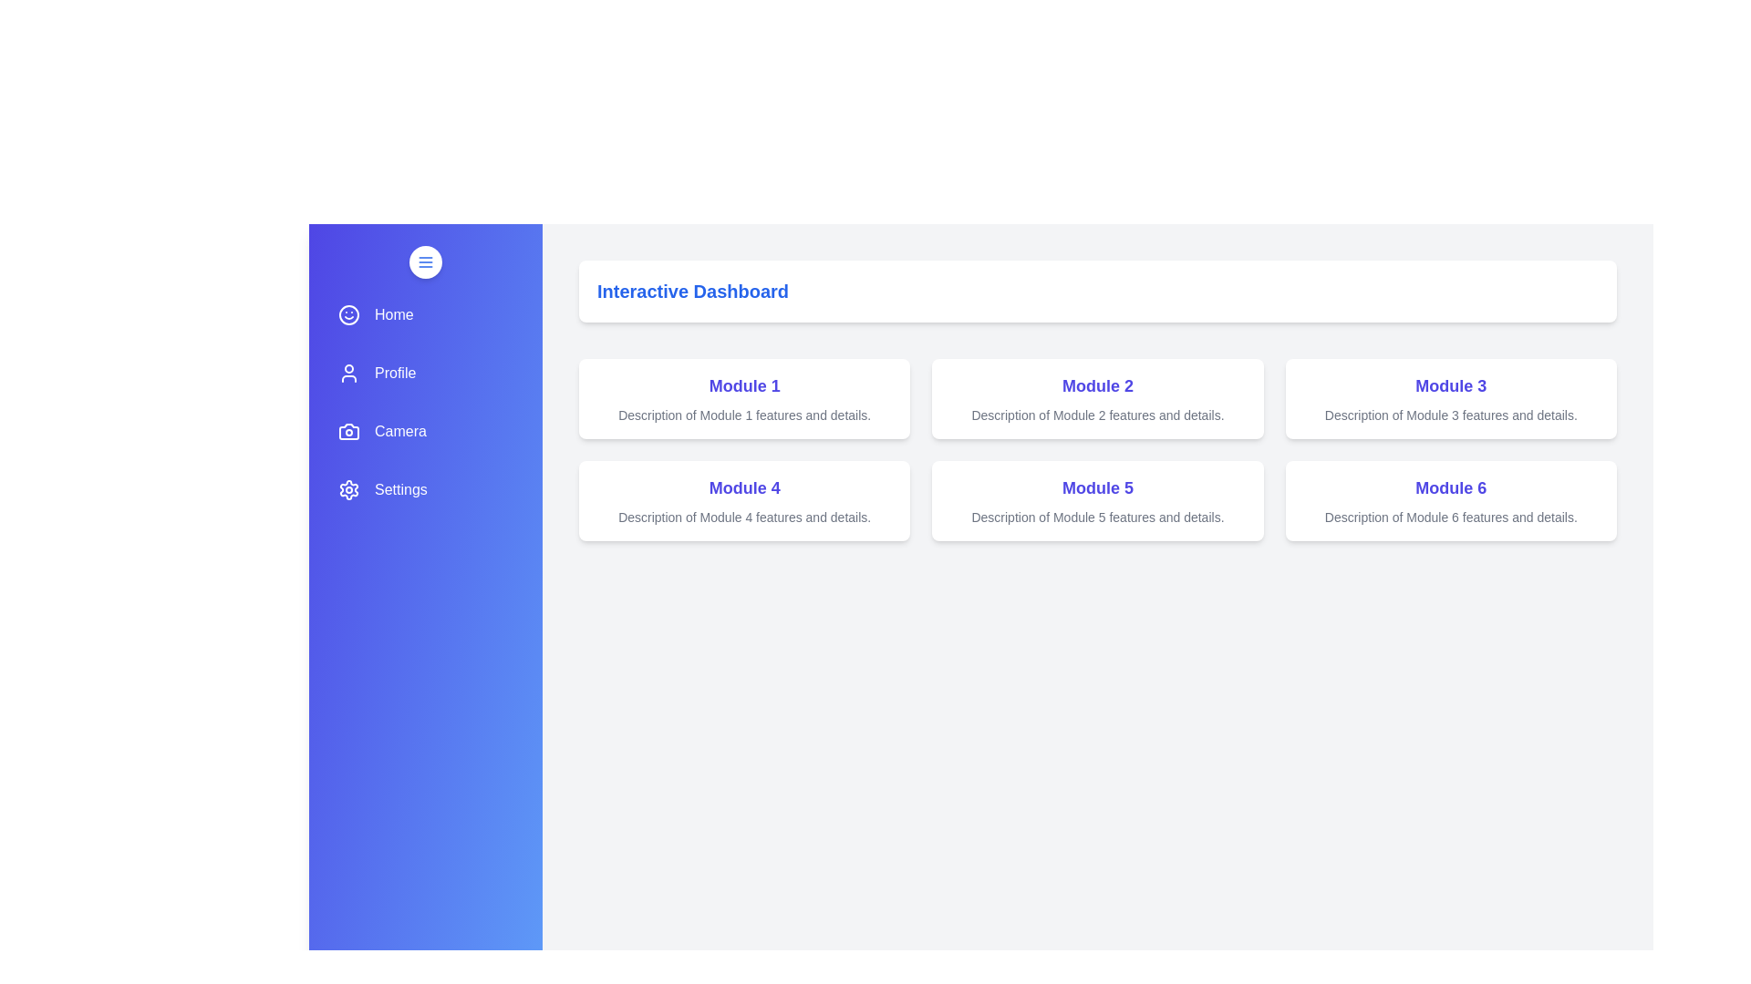 The width and height of the screenshot is (1751, 984). Describe the element at coordinates (424, 262) in the screenshot. I see `the circular button with a white background and a blue menu icon` at that location.